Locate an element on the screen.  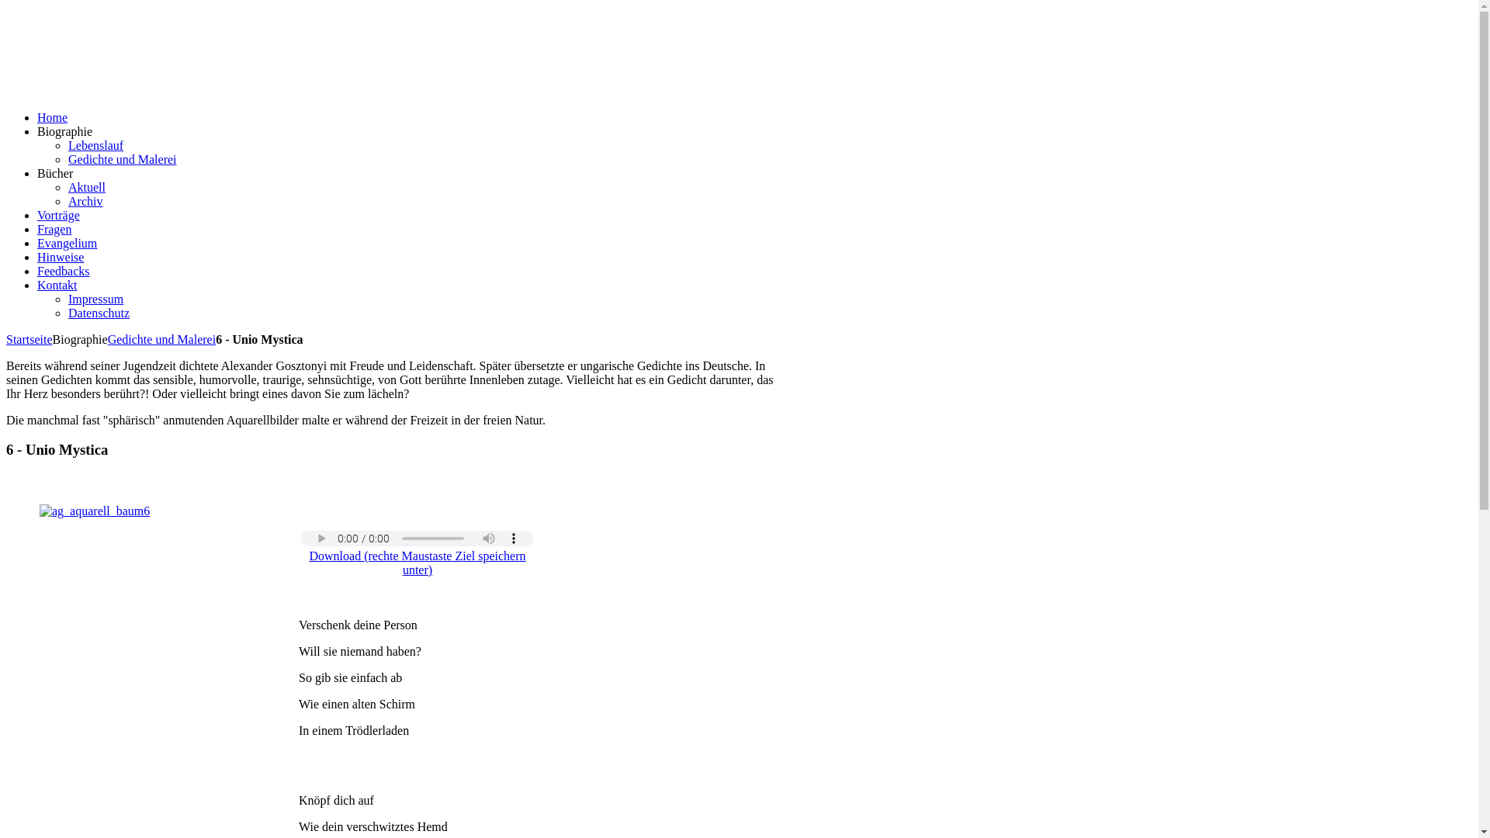
'Impressum' is located at coordinates (95, 299).